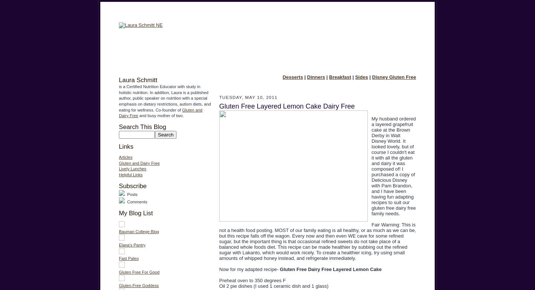  Describe the element at coordinates (273, 286) in the screenshot. I see `'Oil 2 pie dishes (I used 1 ceramic dish and 1 glass)'` at that location.